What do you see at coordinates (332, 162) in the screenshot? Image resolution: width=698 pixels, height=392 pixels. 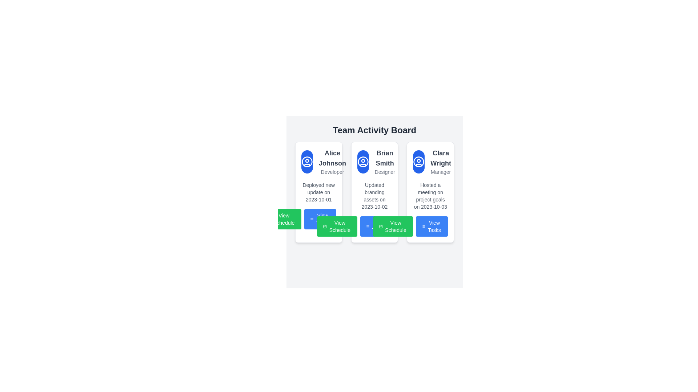 I see `the text block displaying the name and title of a team member, located in the first card at the top-left corner of the card structure, to the right of a blue circular icon` at bounding box center [332, 162].